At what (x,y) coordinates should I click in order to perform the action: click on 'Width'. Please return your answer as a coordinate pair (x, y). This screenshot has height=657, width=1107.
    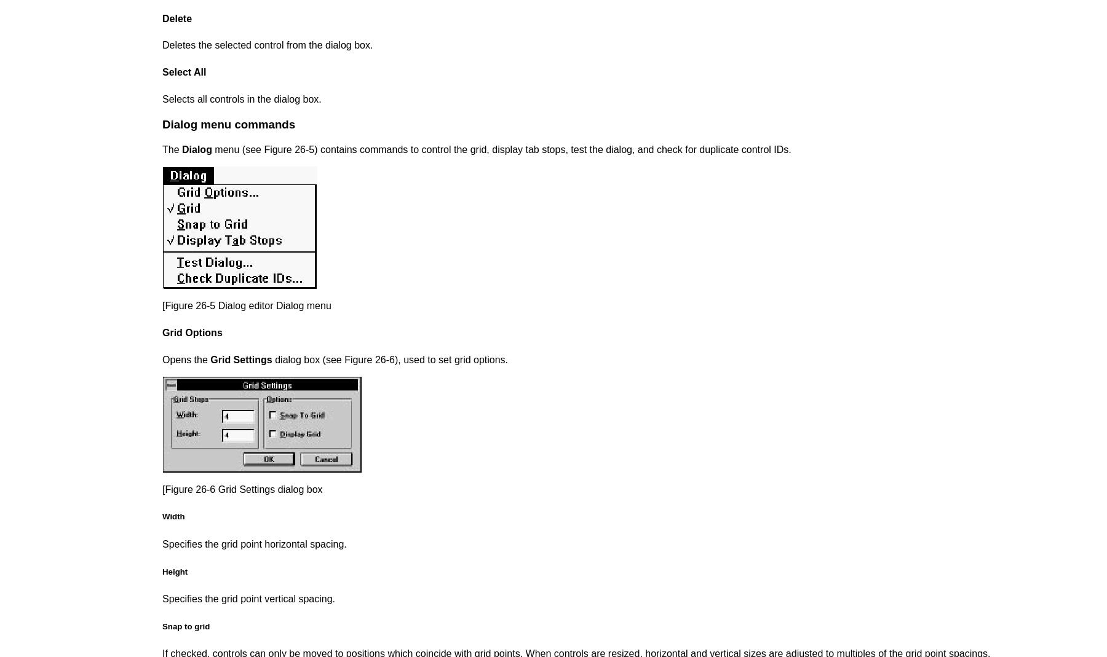
    Looking at the image, I should click on (173, 516).